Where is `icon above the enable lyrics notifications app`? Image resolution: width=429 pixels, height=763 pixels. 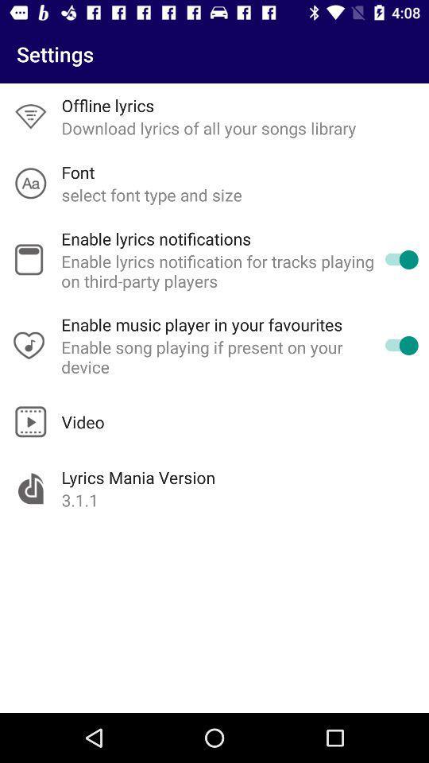
icon above the enable lyrics notifications app is located at coordinates (152, 194).